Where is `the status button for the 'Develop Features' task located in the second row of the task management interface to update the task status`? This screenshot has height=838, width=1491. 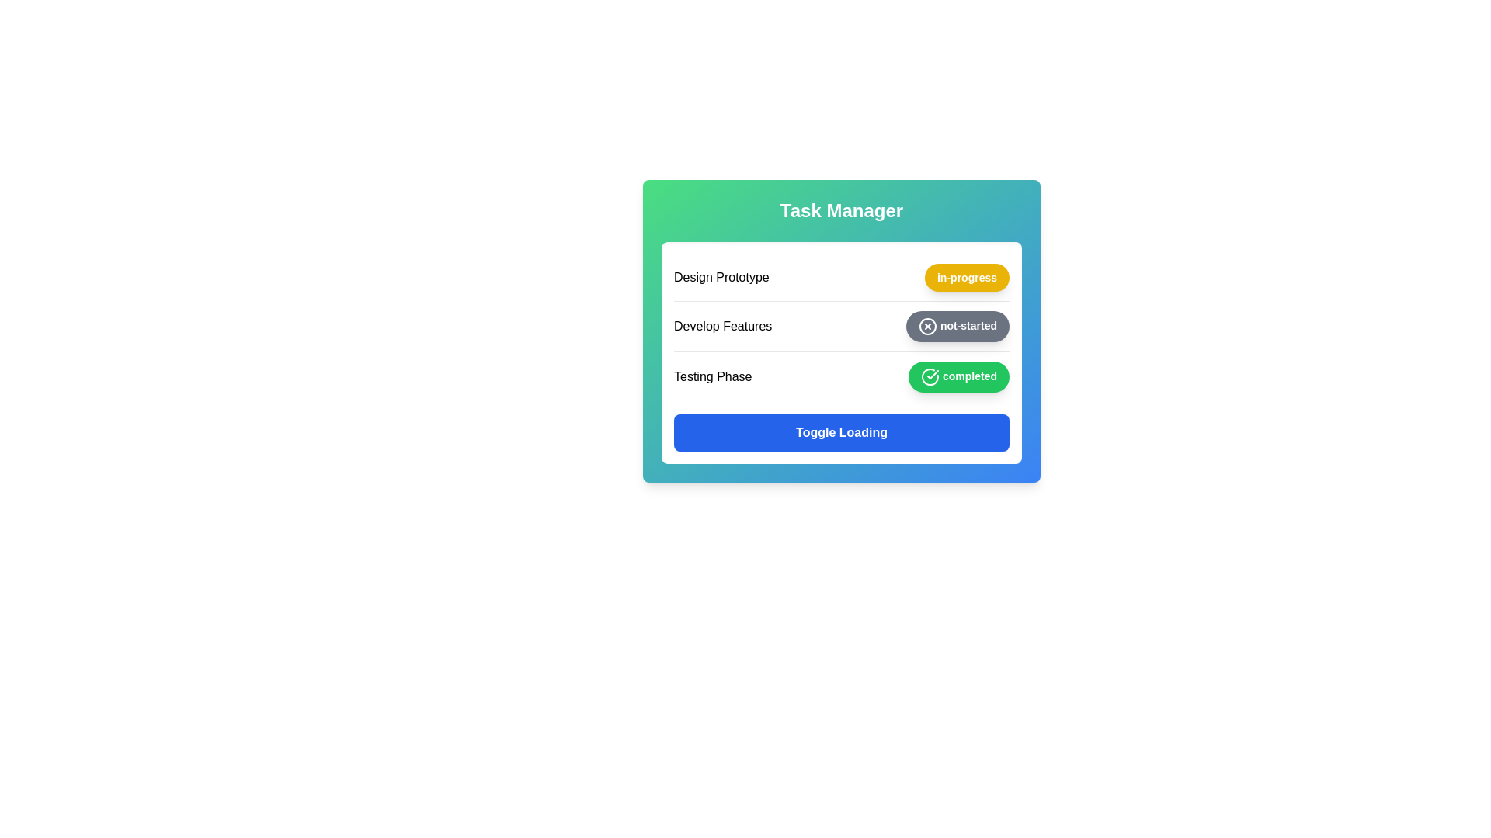 the status button for the 'Develop Features' task located in the second row of the task management interface to update the task status is located at coordinates (841, 331).